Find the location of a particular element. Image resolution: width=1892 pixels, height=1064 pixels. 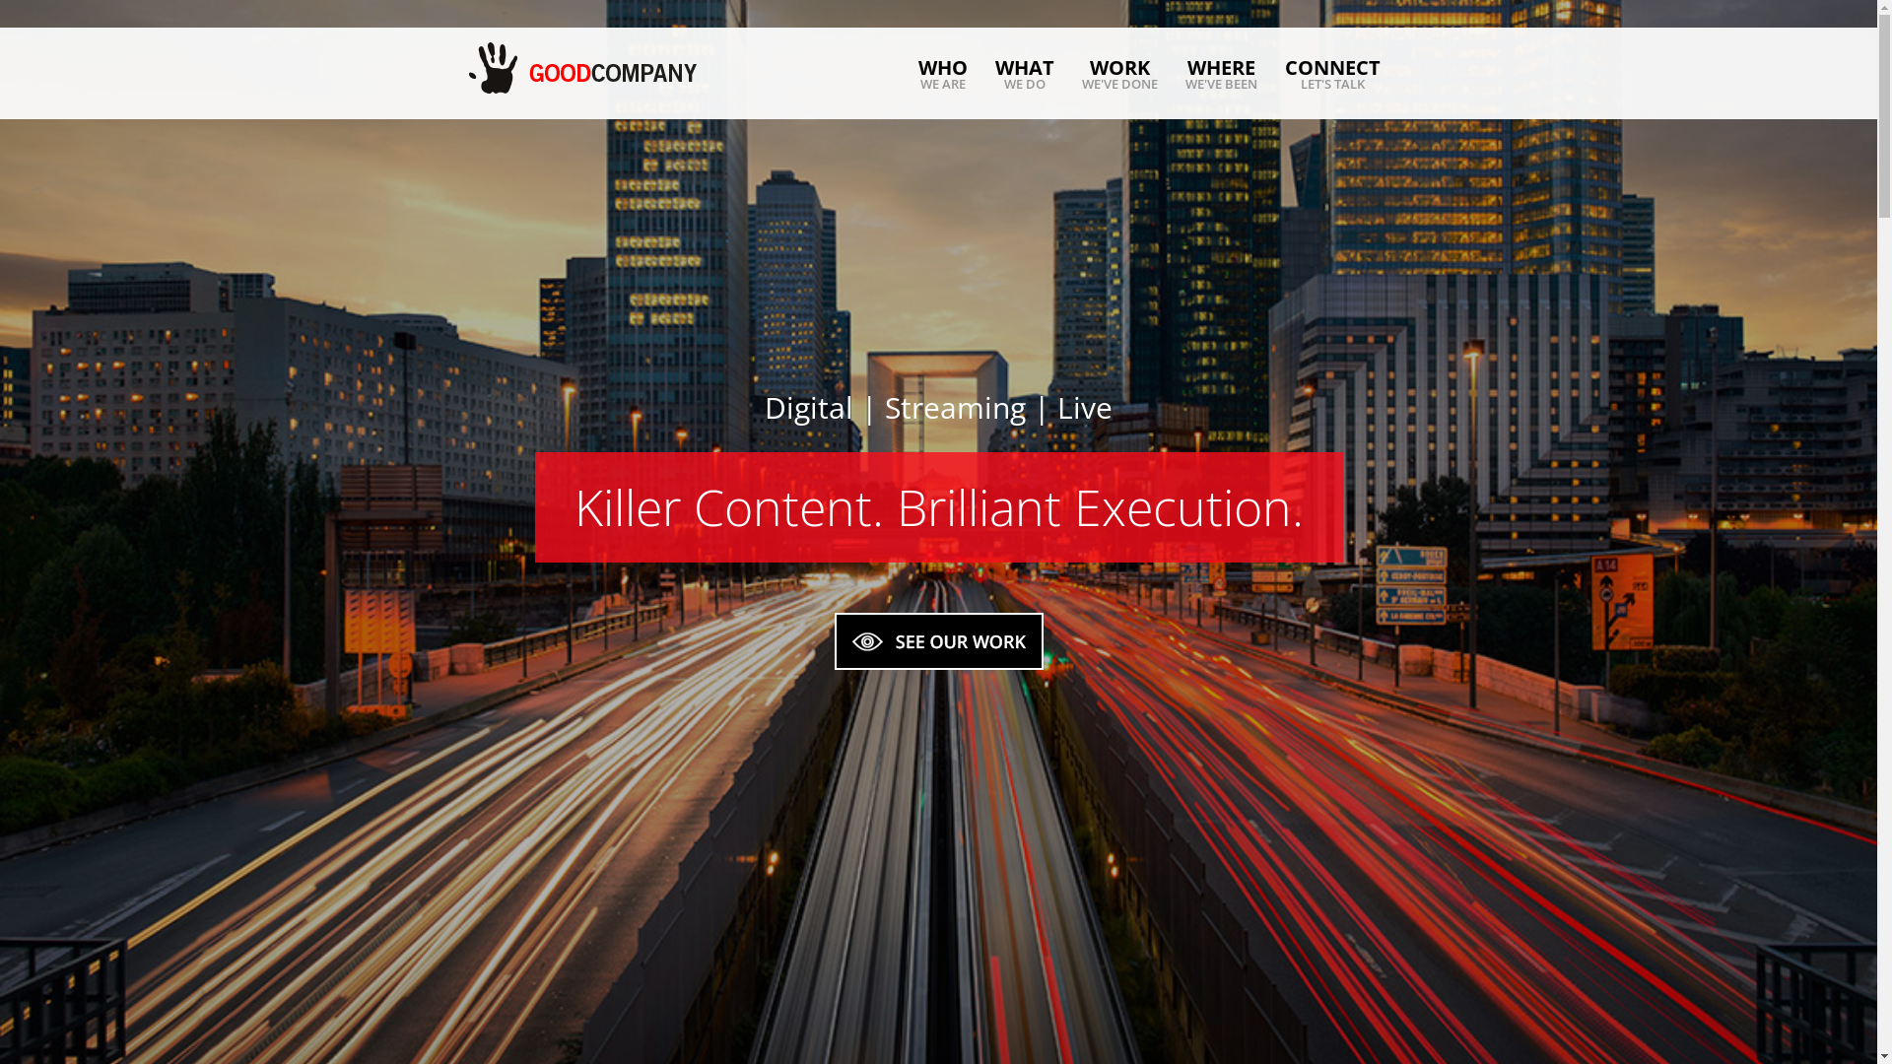

'WHERE is located at coordinates (1220, 73).